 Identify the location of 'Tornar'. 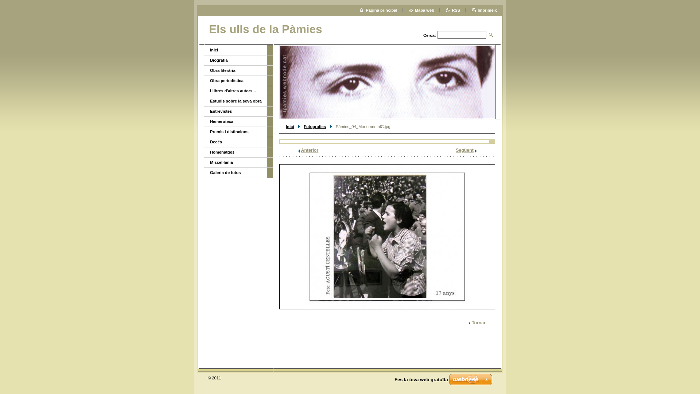
(477, 322).